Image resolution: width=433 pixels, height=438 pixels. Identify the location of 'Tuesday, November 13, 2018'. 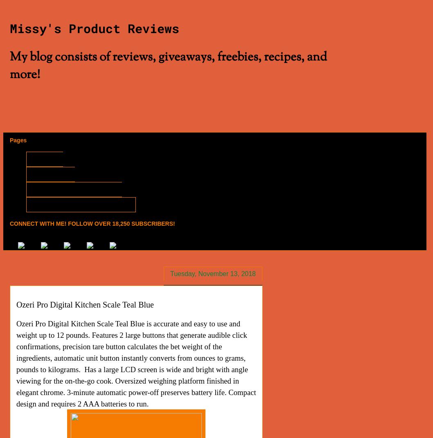
(212, 273).